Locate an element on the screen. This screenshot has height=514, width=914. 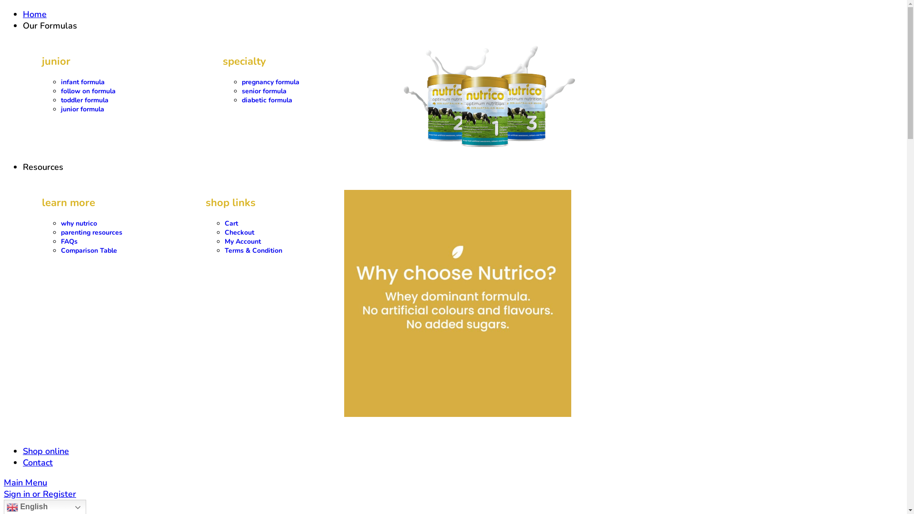
'Cart' is located at coordinates (224, 223).